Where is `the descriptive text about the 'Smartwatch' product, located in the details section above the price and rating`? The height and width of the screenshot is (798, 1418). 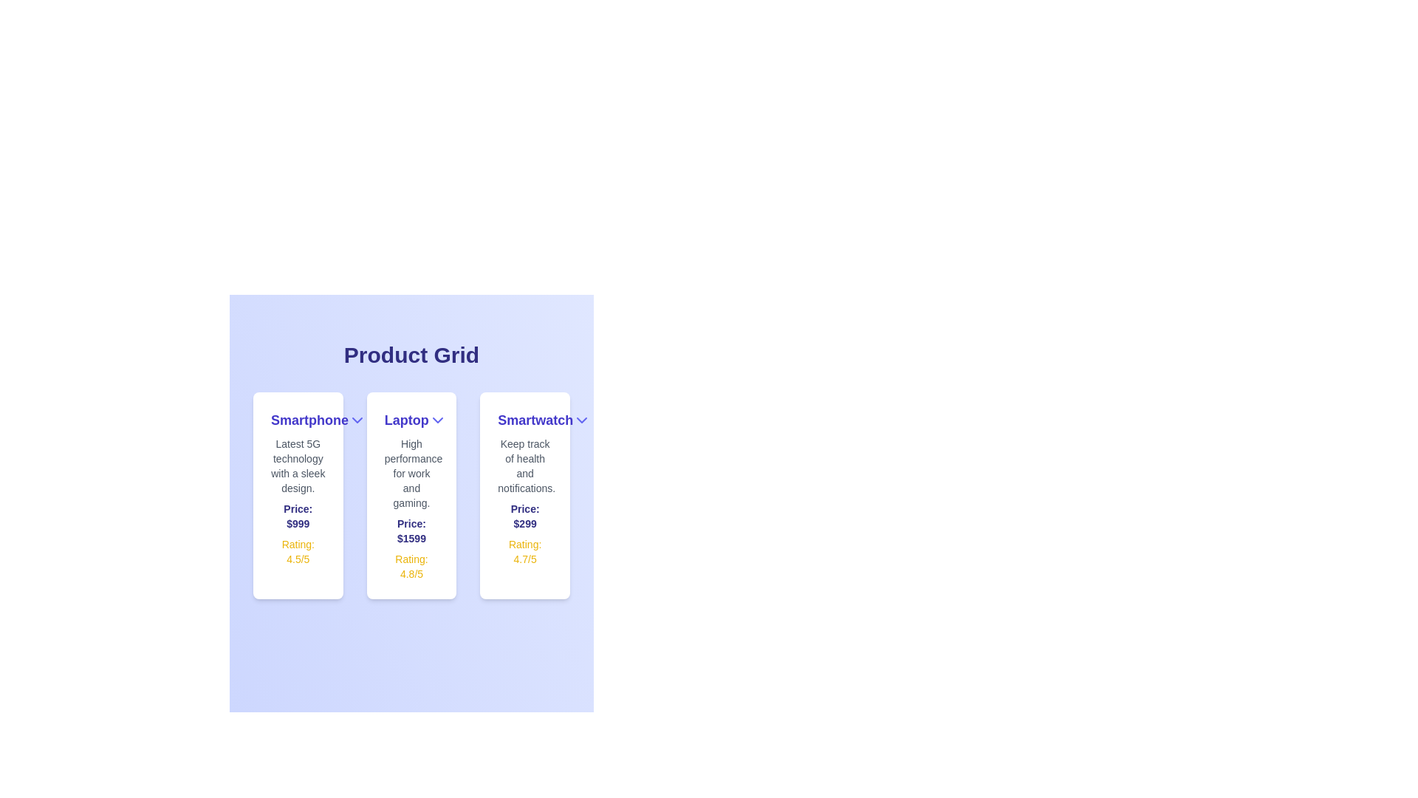
the descriptive text about the 'Smartwatch' product, located in the details section above the price and rating is located at coordinates (525, 466).